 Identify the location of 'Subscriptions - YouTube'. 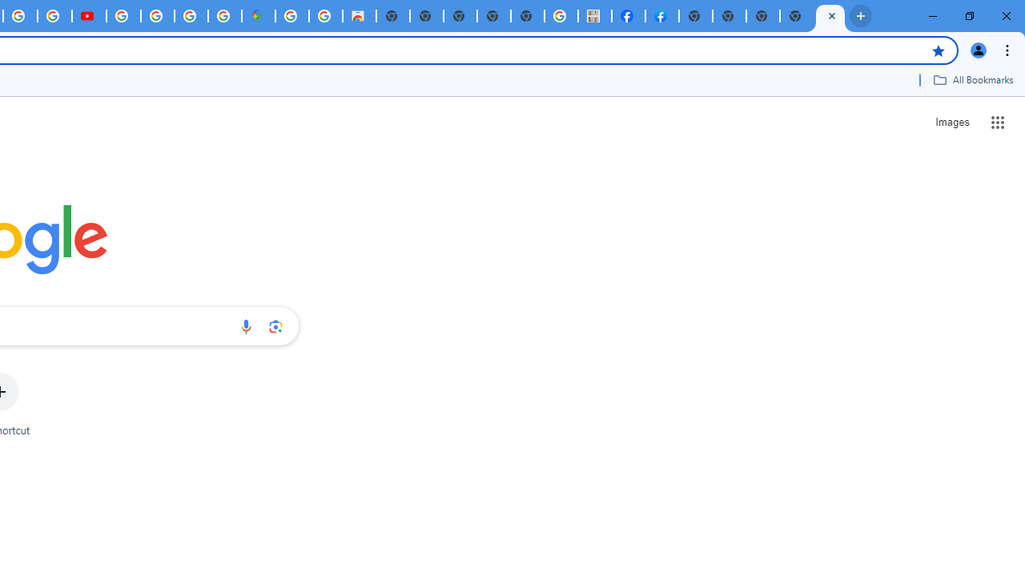
(88, 16).